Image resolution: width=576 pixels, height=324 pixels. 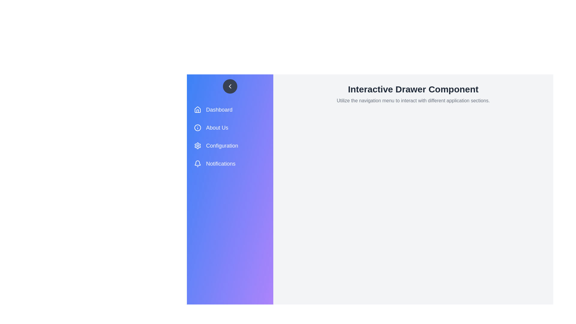 What do you see at coordinates (197, 146) in the screenshot?
I see `the gear-shaped settings icon located in the left navigation panel, next to the 'Configuration' text` at bounding box center [197, 146].